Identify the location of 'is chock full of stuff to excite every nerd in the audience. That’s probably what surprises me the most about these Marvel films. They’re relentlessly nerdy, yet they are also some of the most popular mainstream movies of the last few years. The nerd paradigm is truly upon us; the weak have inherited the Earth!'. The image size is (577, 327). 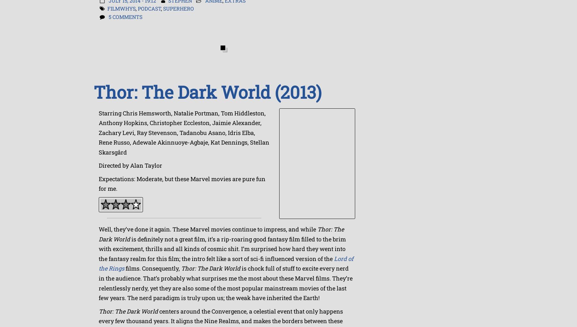
(225, 283).